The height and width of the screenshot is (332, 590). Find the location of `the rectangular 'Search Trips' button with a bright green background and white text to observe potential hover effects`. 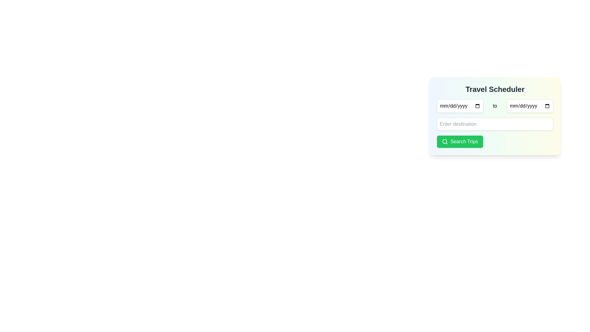

the rectangular 'Search Trips' button with a bright green background and white text to observe potential hover effects is located at coordinates (460, 142).